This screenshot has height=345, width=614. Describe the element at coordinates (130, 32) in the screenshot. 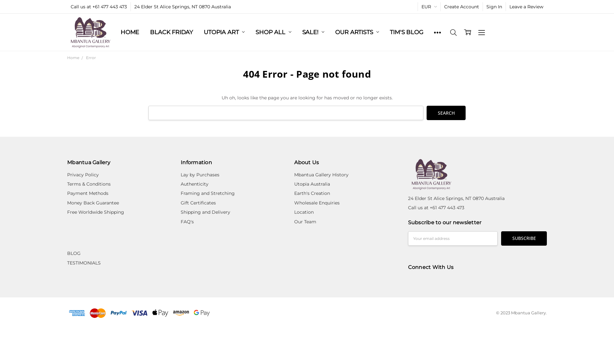

I see `'HOME'` at that location.